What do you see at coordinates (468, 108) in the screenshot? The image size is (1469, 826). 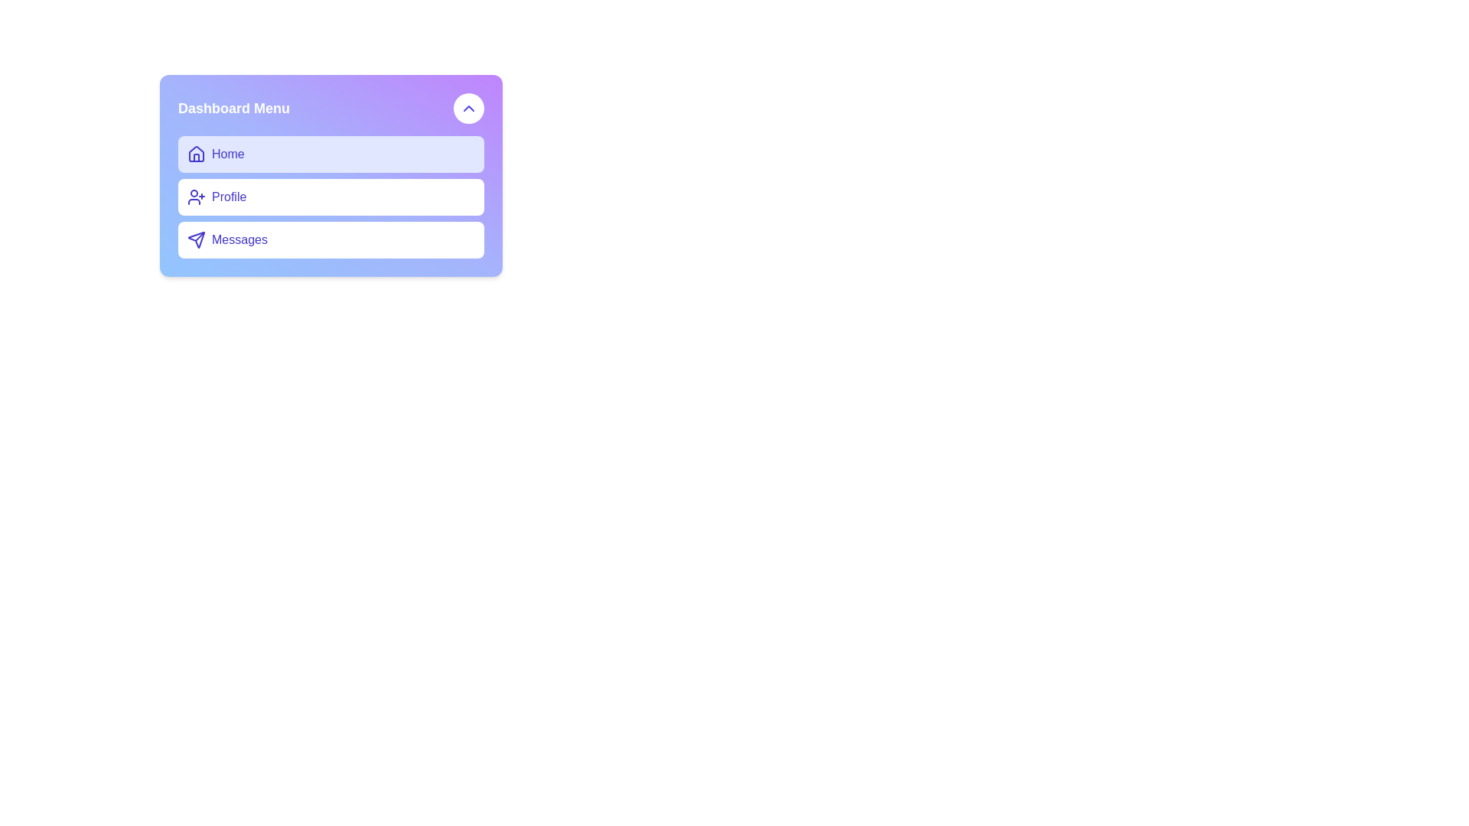 I see `the upward-facing chevron arrow icon nested inside the circular button with a white background and indigo border in the 'Dashboard Menu'` at bounding box center [468, 108].